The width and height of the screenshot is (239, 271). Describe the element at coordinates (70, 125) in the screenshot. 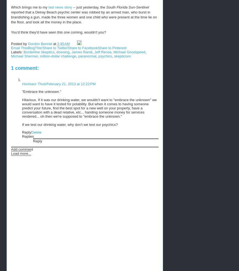

I see `'If we test our drinking water, why don't we test our psychics?'` at that location.